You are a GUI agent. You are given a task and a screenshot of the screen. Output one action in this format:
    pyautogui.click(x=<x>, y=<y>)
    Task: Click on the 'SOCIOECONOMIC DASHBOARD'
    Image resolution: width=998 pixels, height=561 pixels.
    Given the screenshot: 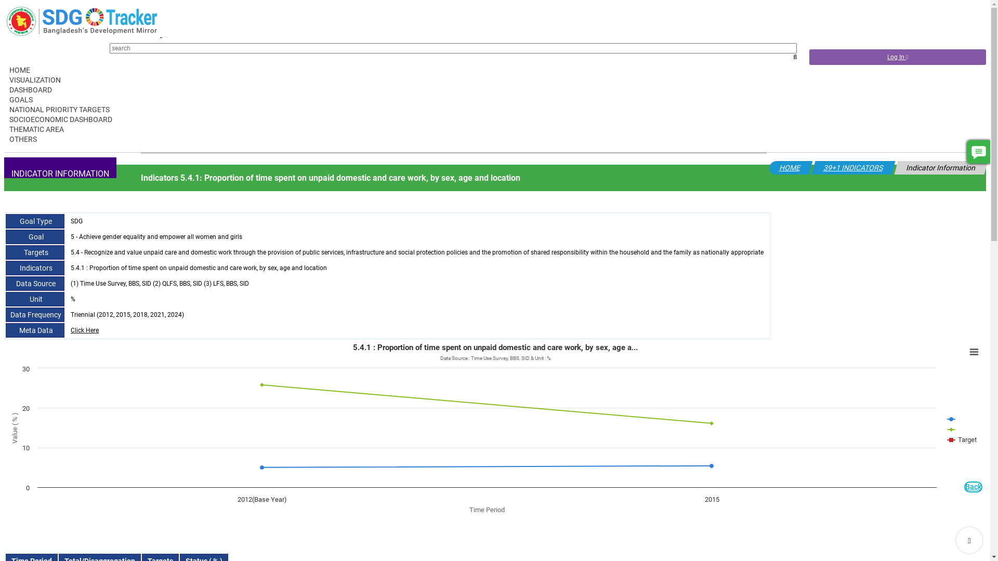 What is the action you would take?
    pyautogui.click(x=57, y=119)
    